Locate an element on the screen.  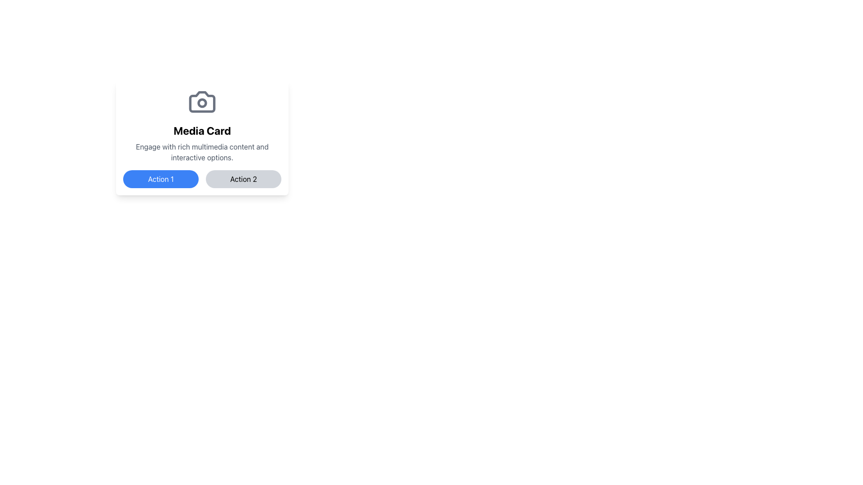
the button labeled 'Action 1' is located at coordinates (161, 179).